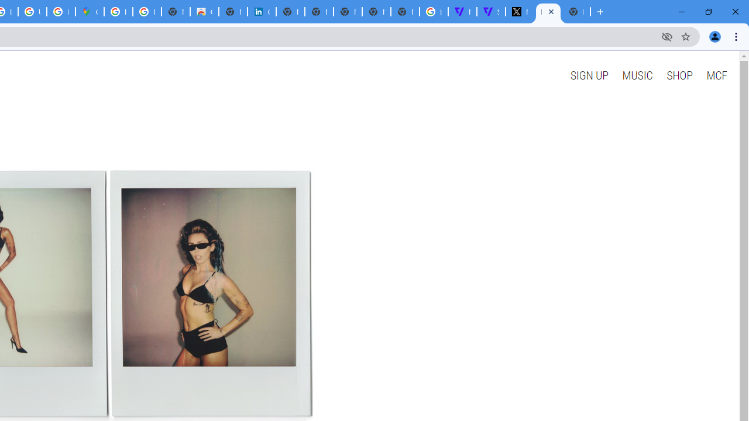  I want to click on 'New Tab', so click(576, 12).